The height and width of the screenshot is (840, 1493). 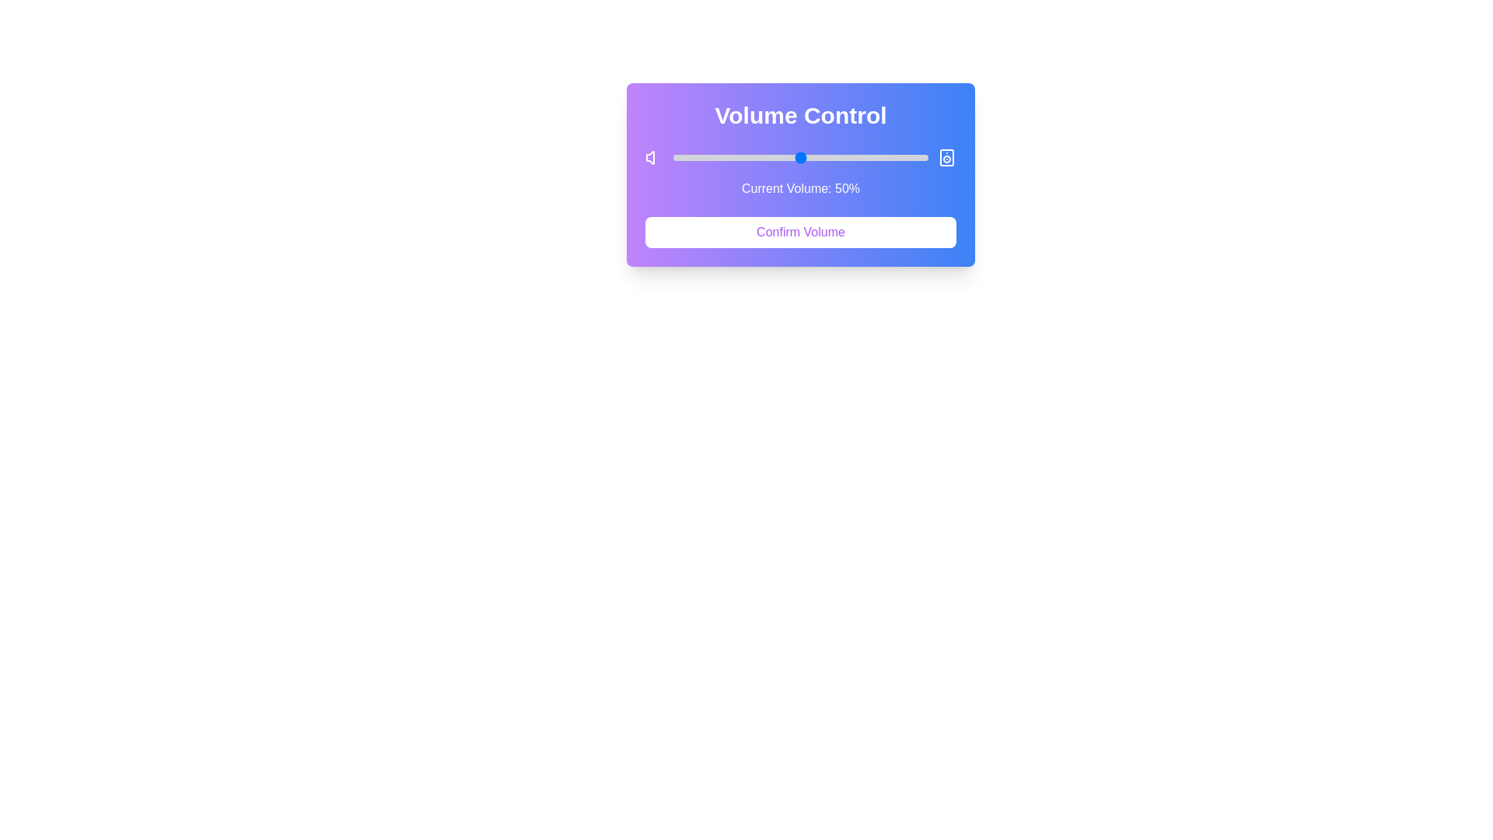 I want to click on the 'Confirm Volume' button to confirm the current volume setting, so click(x=801, y=233).